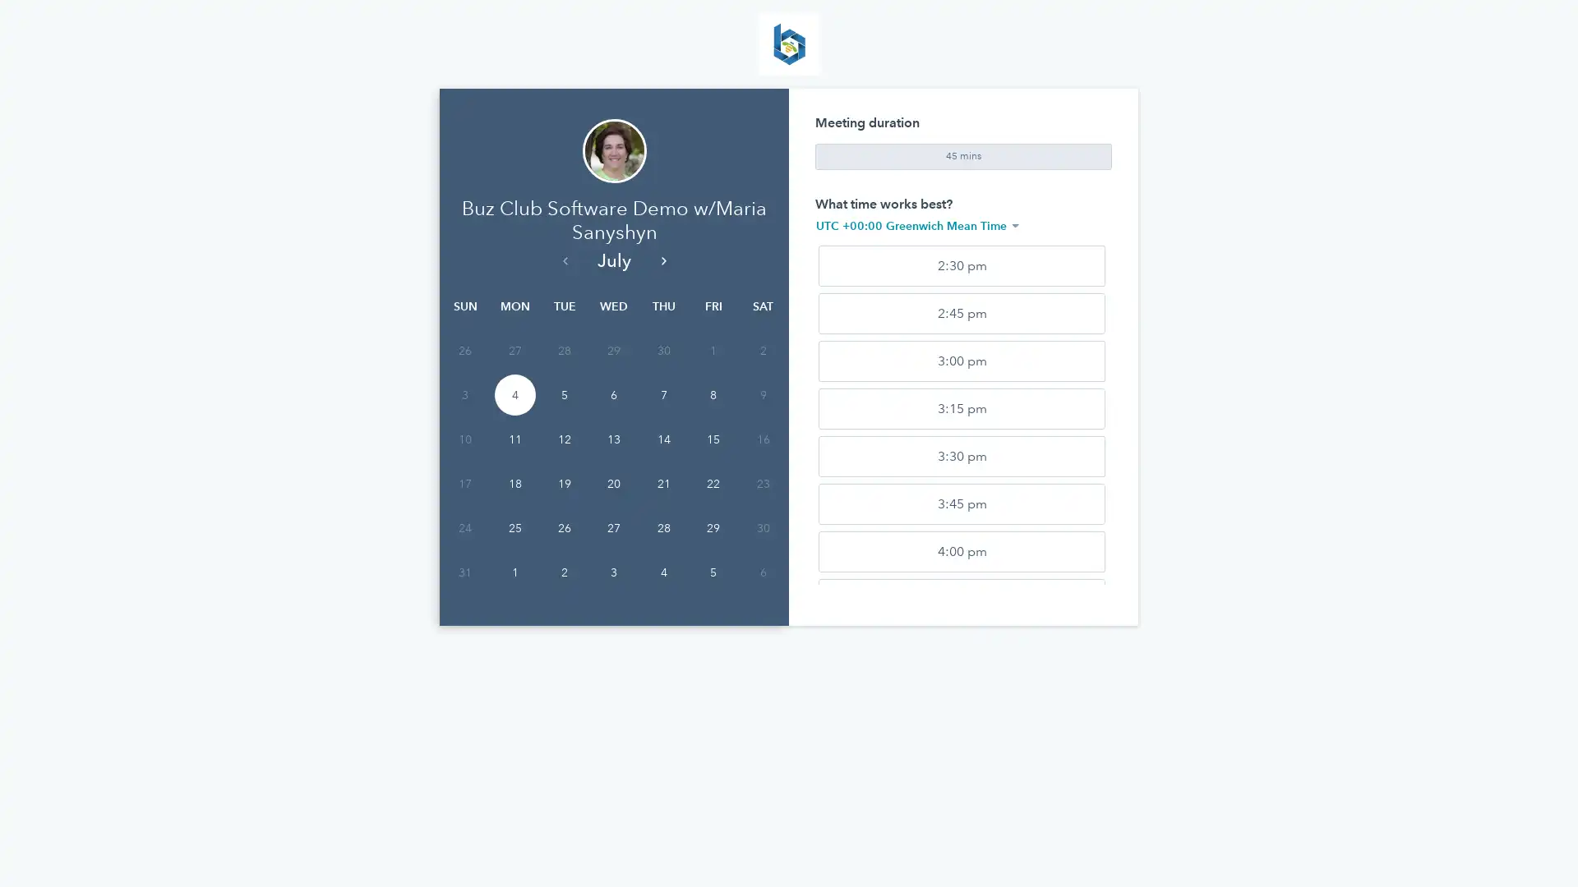 The image size is (1578, 887). I want to click on July 26th, so click(564, 528).